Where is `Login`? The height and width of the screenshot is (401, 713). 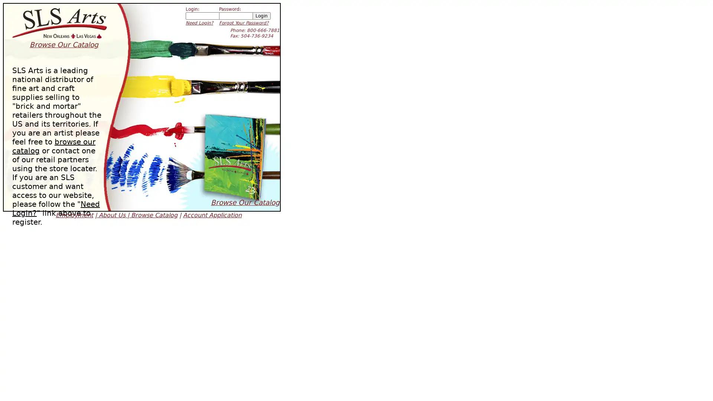 Login is located at coordinates (261, 16).